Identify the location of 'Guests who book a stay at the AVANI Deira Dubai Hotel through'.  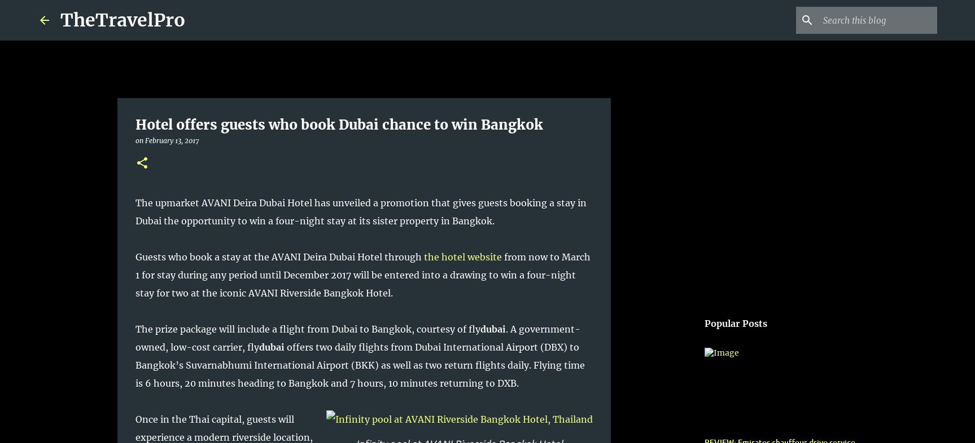
(278, 256).